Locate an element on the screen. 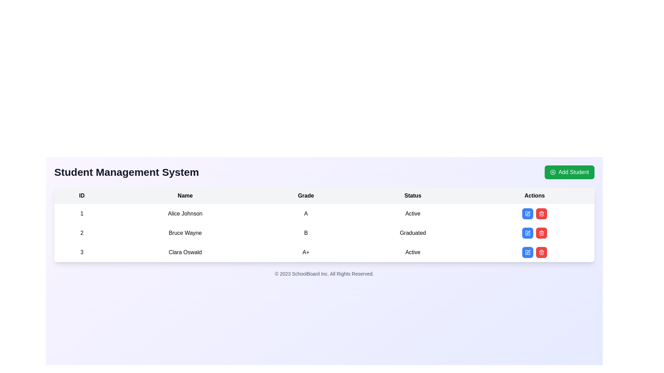 This screenshot has width=664, height=373. the 'Edit' button located in the 'Actions' column for the row corresponding to 'Clara Oswald' to possibly see a tooltip is located at coordinates (527, 252).